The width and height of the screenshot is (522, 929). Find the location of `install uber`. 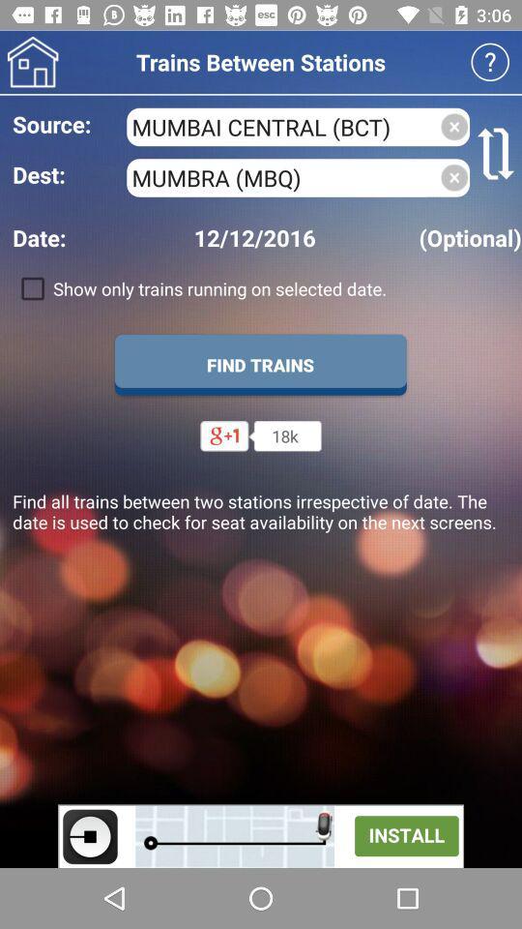

install uber is located at coordinates (261, 835).